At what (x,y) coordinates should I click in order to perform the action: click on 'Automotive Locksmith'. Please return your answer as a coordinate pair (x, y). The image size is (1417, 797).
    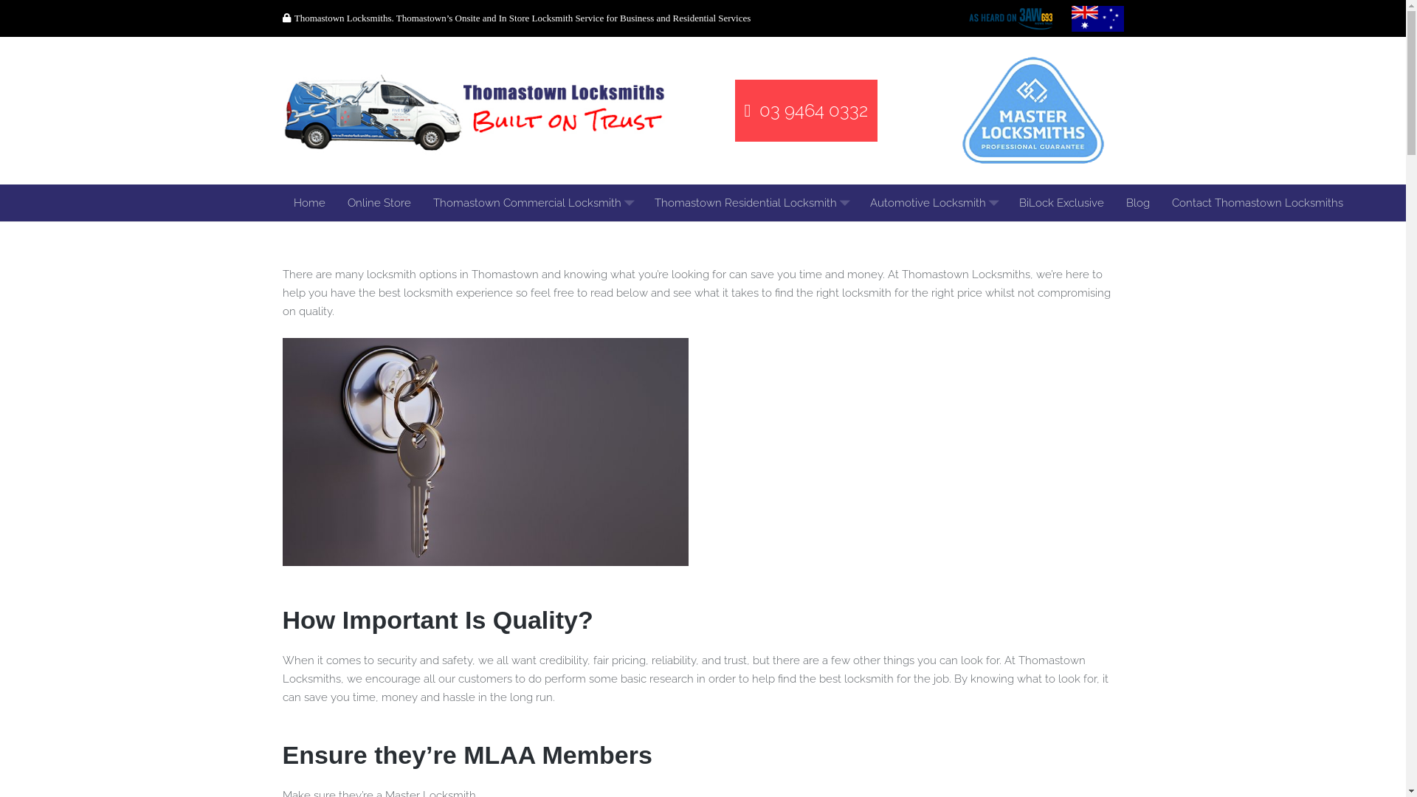
    Looking at the image, I should click on (858, 202).